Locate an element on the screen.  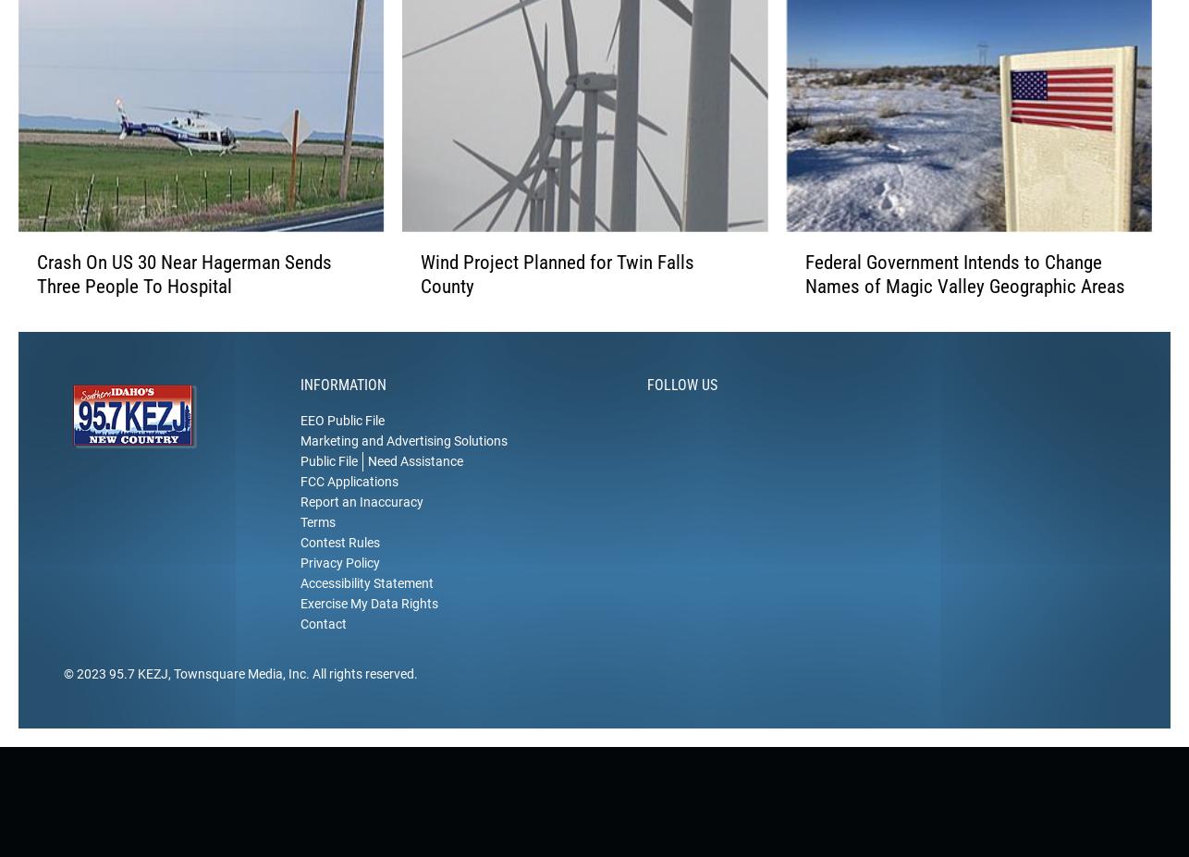
'Wind Project Planned for Twin Falls County' is located at coordinates (557, 301).